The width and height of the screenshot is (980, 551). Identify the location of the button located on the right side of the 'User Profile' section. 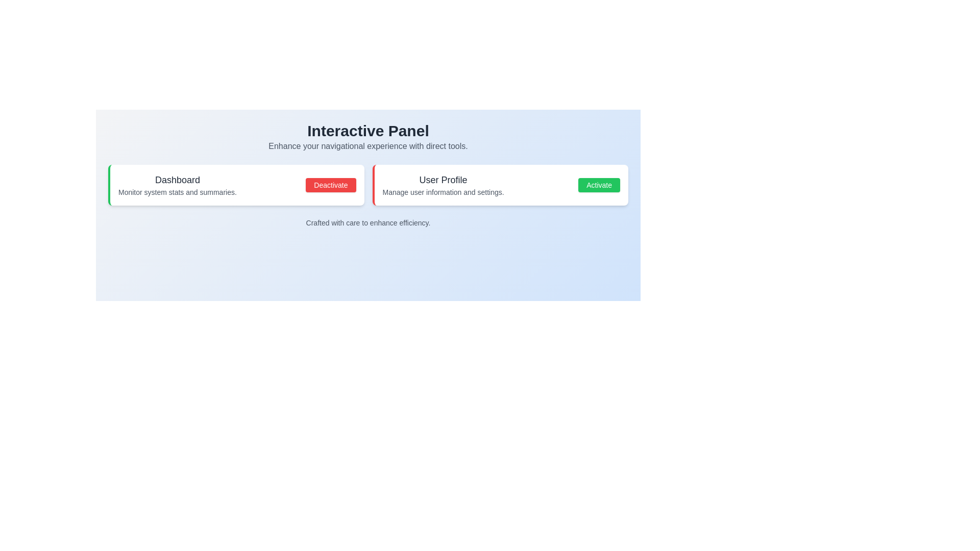
(599, 185).